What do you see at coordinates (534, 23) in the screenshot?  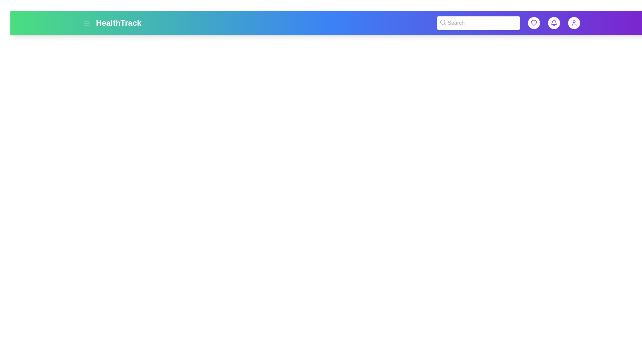 I see `the heart button in the app bar` at bounding box center [534, 23].